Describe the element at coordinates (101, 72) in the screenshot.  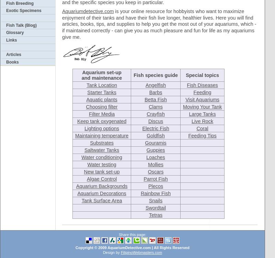
I see `'Aquarium set-up'` at that location.